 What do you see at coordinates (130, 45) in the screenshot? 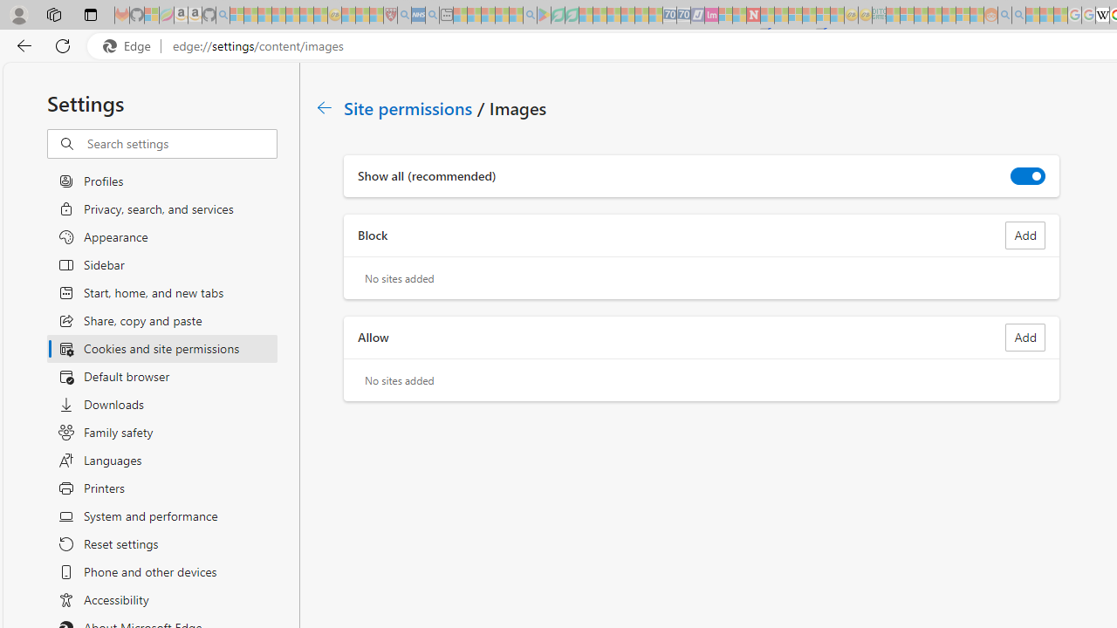
I see `'Edge'` at bounding box center [130, 45].